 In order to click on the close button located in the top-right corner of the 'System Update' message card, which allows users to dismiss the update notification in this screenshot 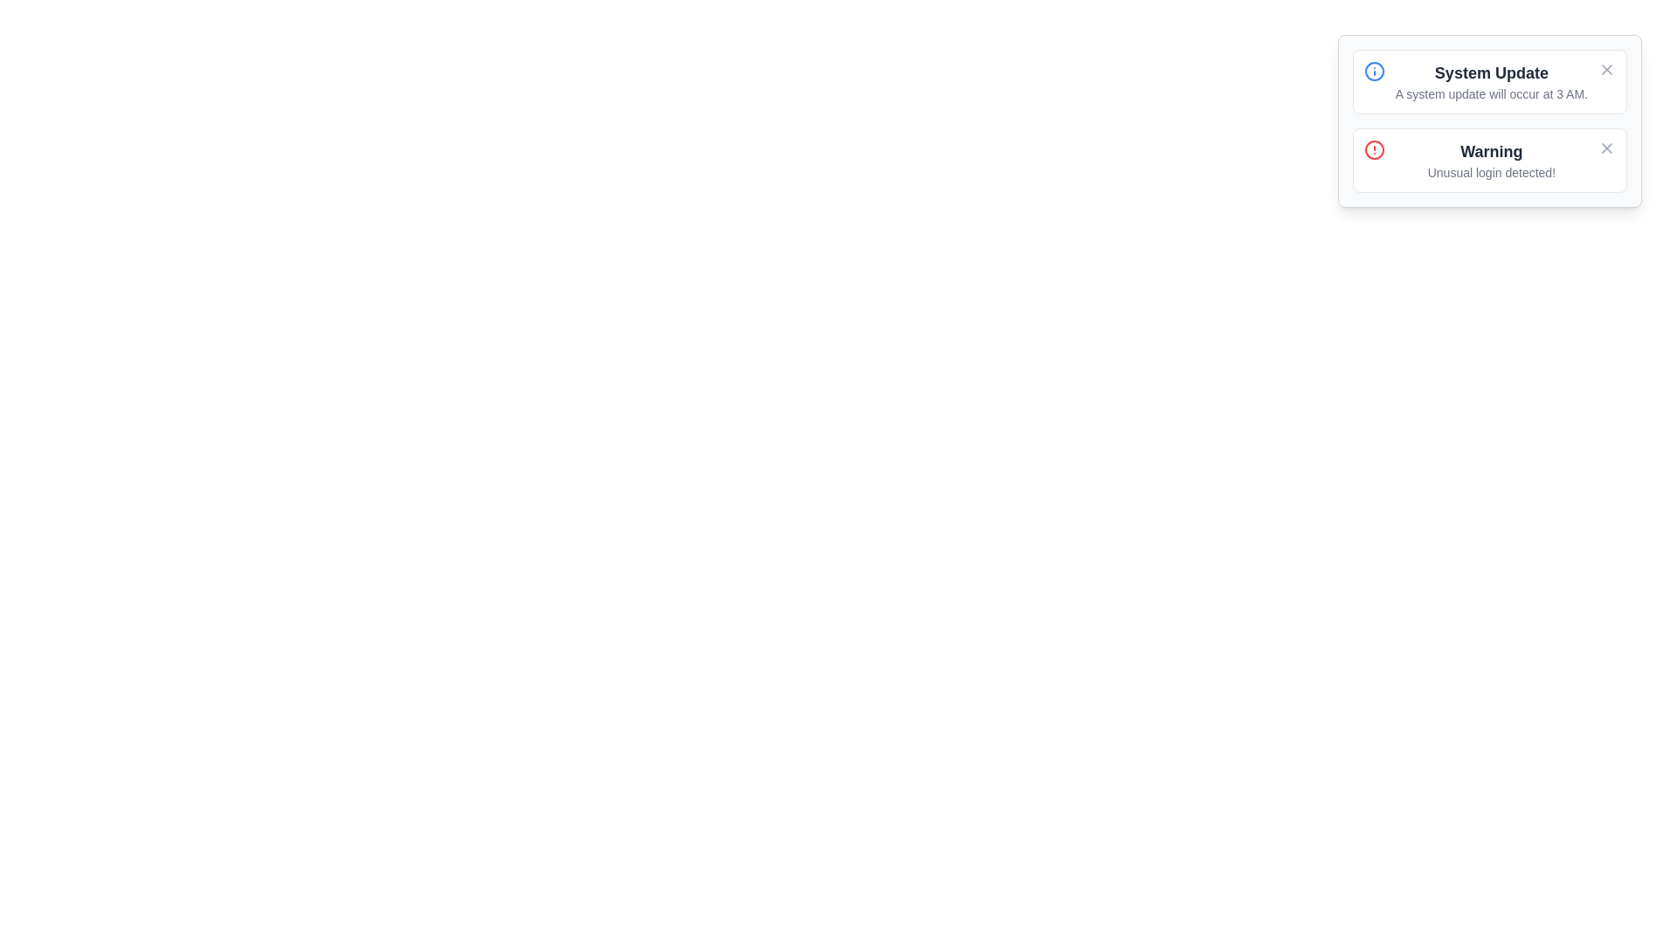, I will do `click(1606, 69)`.